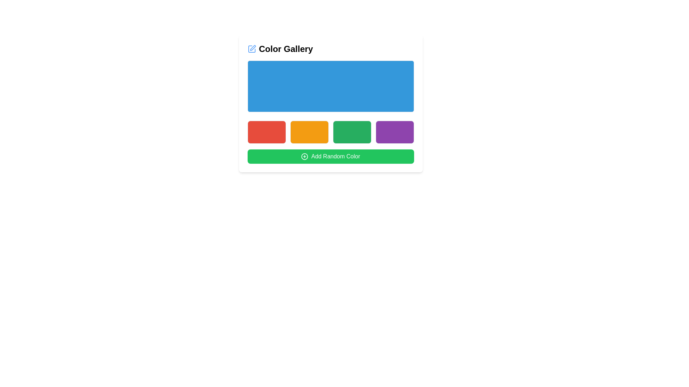  What do you see at coordinates (352, 132) in the screenshot?
I see `the intense green button located in the lower central part of the grid layout, which is the third item in a row of four elements` at bounding box center [352, 132].